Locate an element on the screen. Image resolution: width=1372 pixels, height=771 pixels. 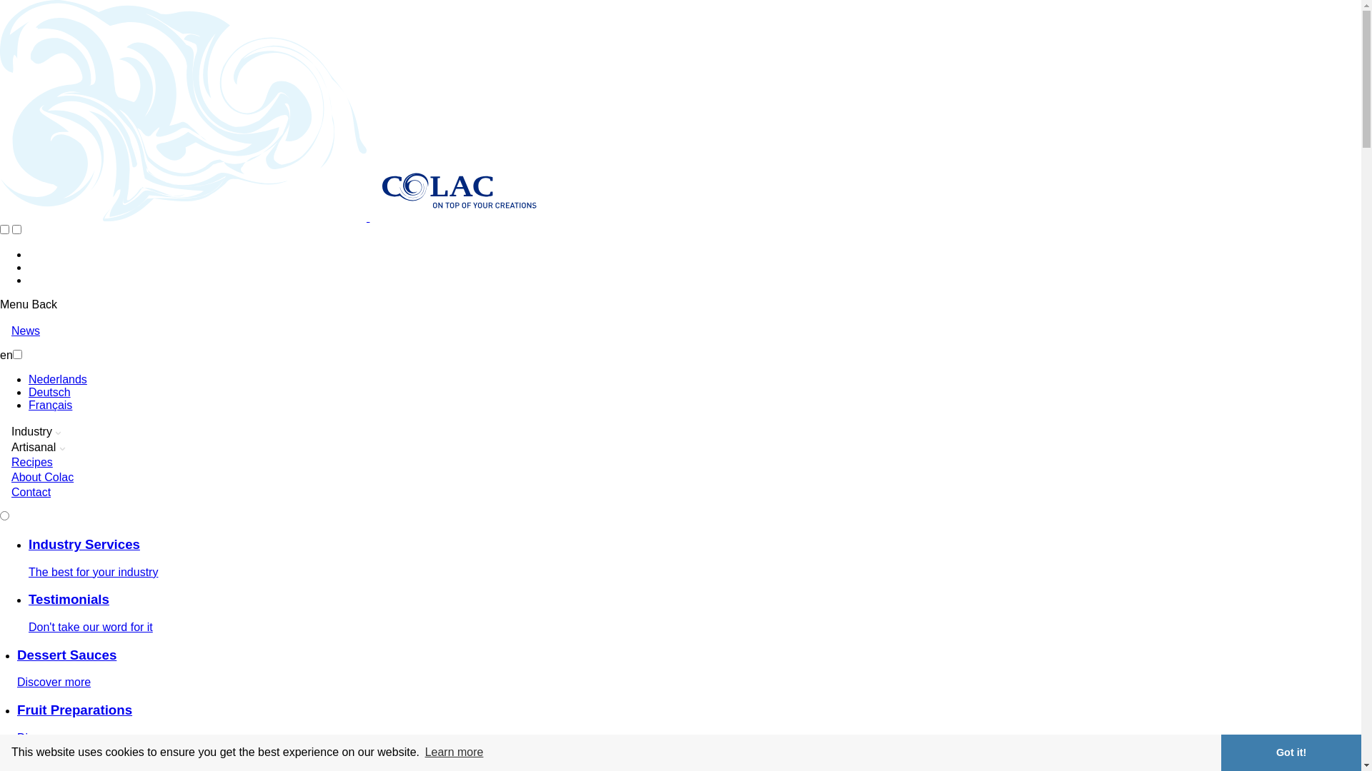
'Dessert Sauces is located at coordinates (689, 668).